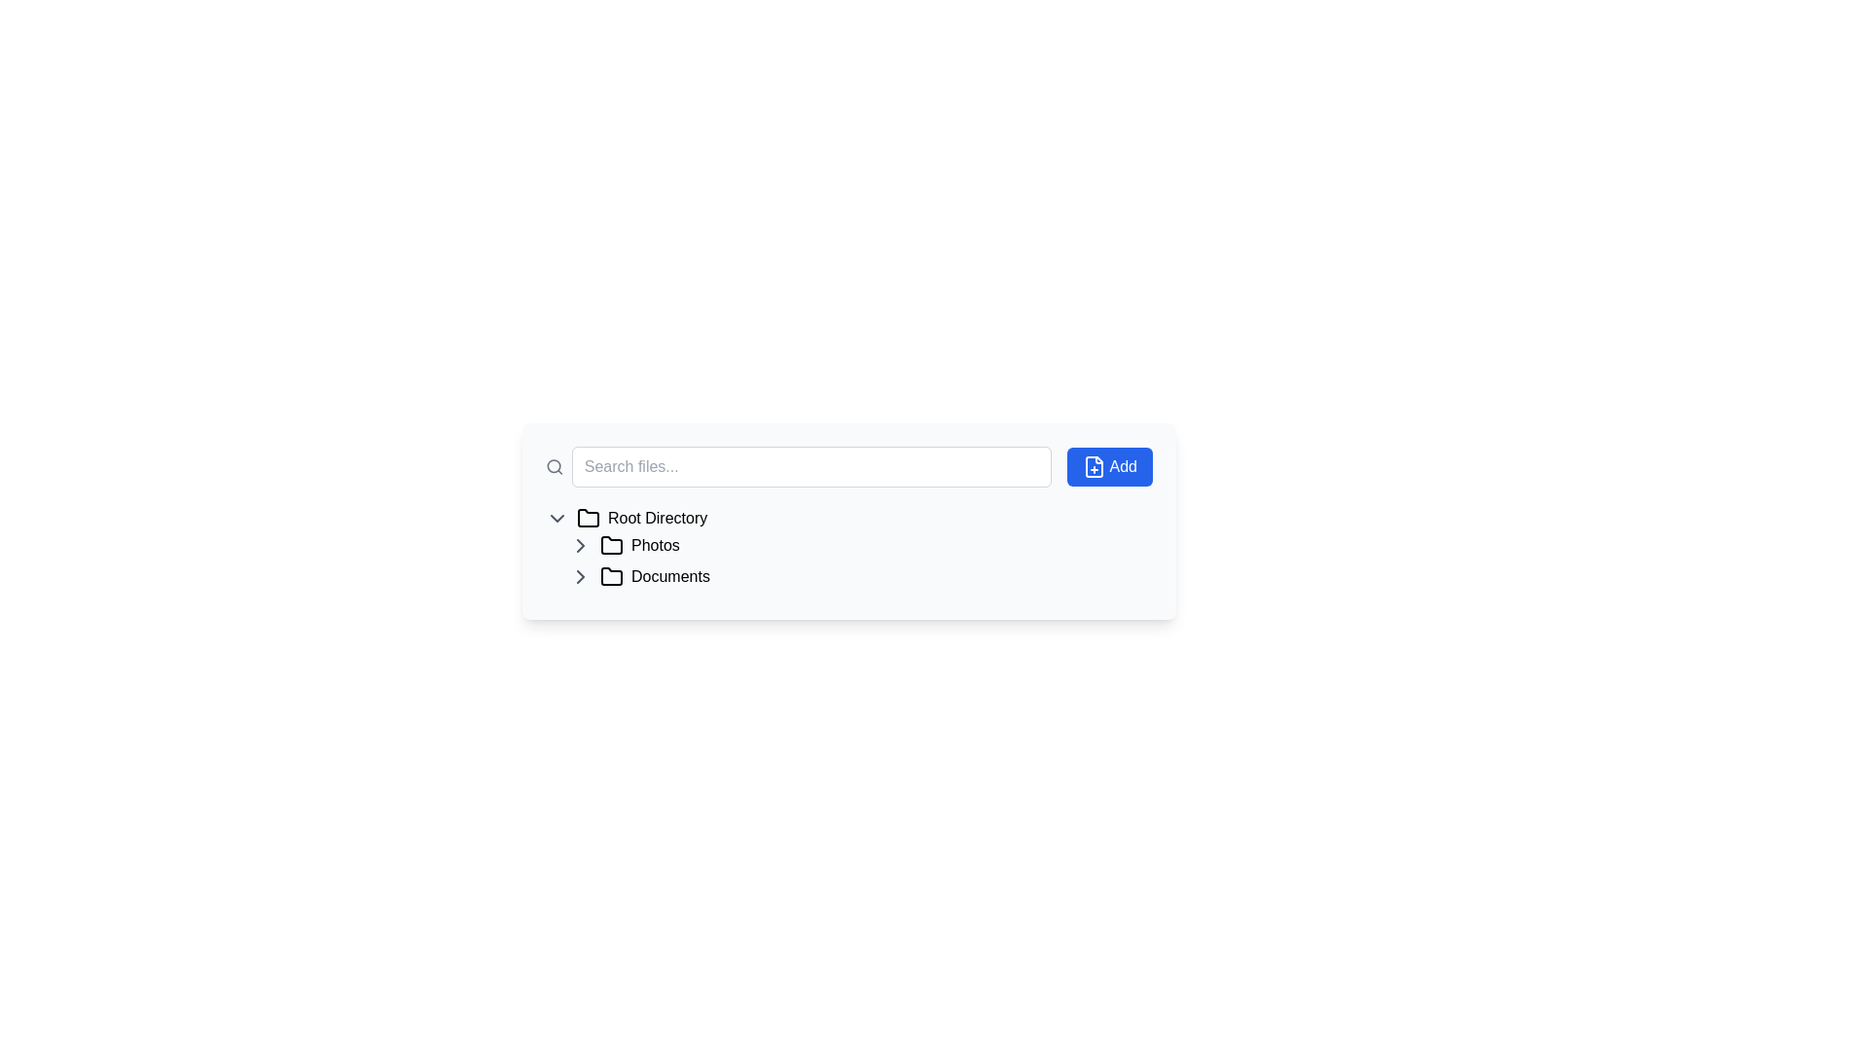  What do you see at coordinates (554, 466) in the screenshot?
I see `the search indicator icon located to the far left of the text input field labeled 'Search files...'` at bounding box center [554, 466].